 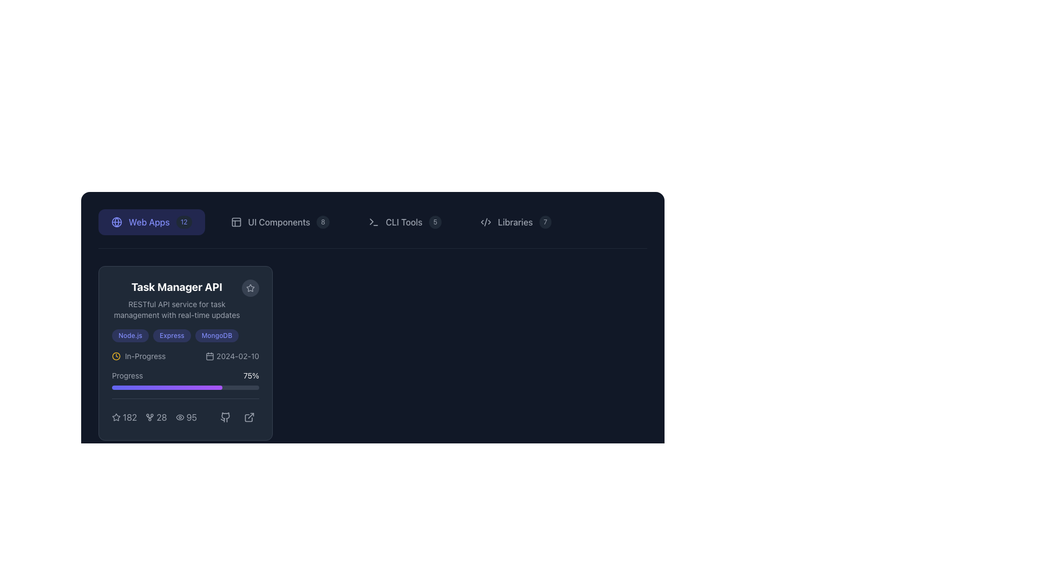 What do you see at coordinates (404, 222) in the screenshot?
I see `the navigational button for CLI tools located in the horizontal navigation bar, positioned between 'UI Components' and 'Libraries'` at bounding box center [404, 222].